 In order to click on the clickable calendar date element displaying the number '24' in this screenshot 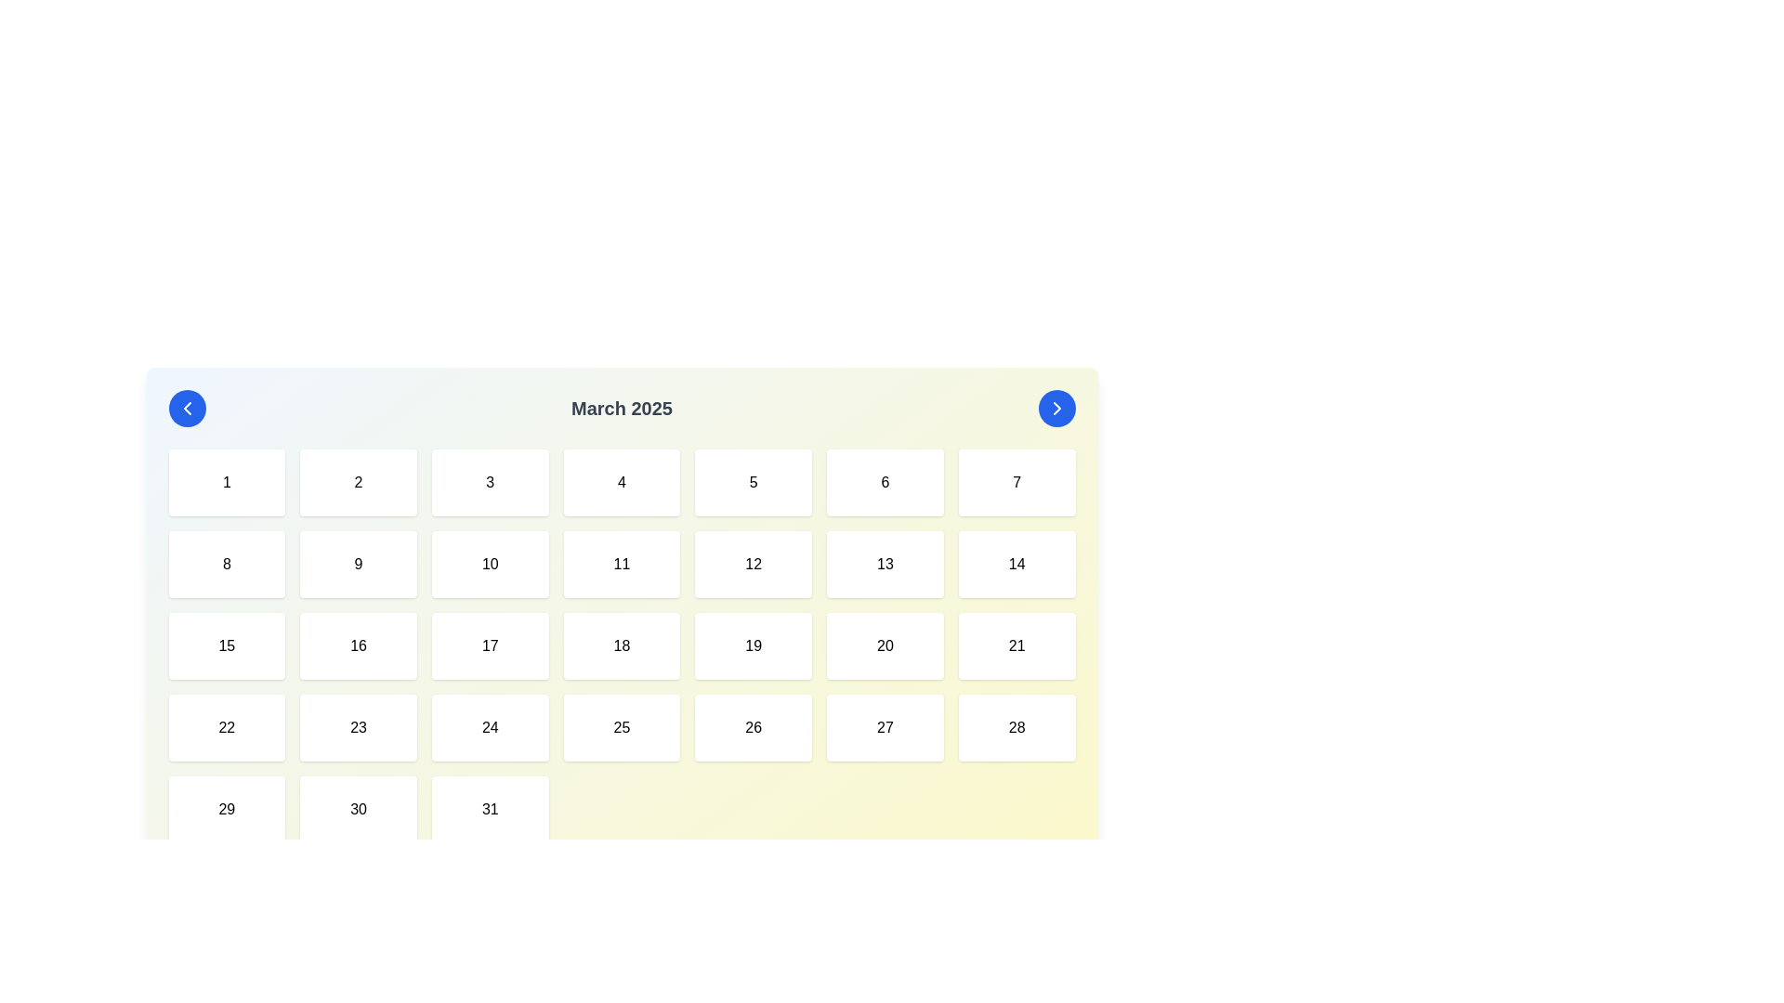, I will do `click(490, 726)`.